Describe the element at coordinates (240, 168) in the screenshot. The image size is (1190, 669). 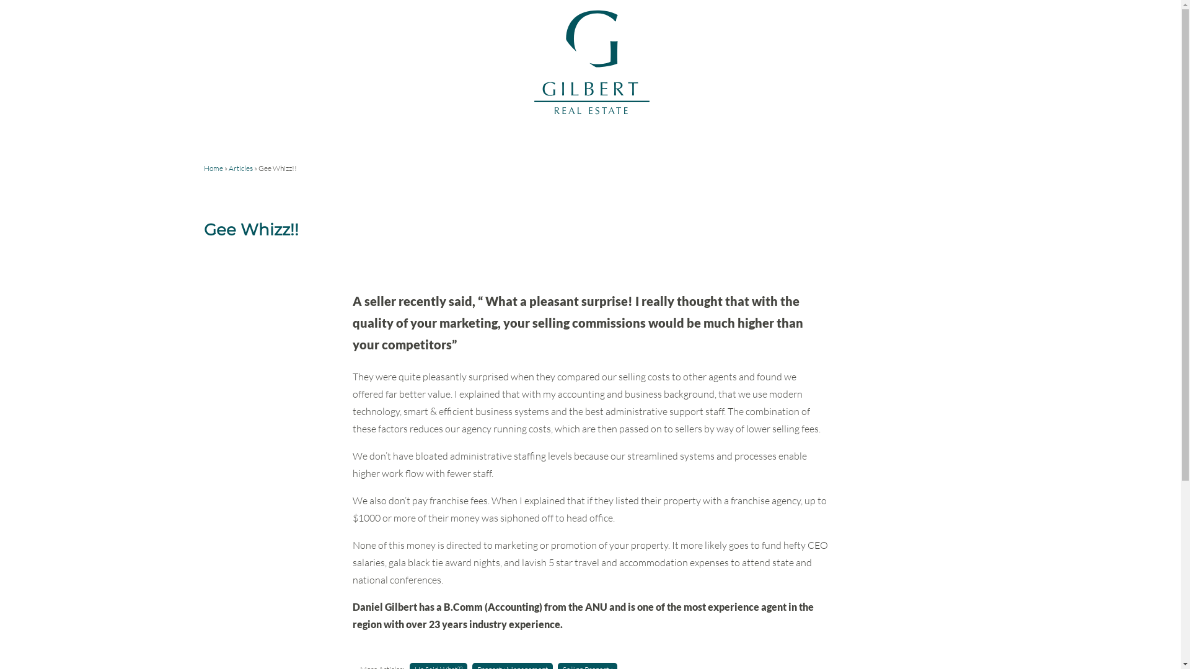
I see `'Articles'` at that location.